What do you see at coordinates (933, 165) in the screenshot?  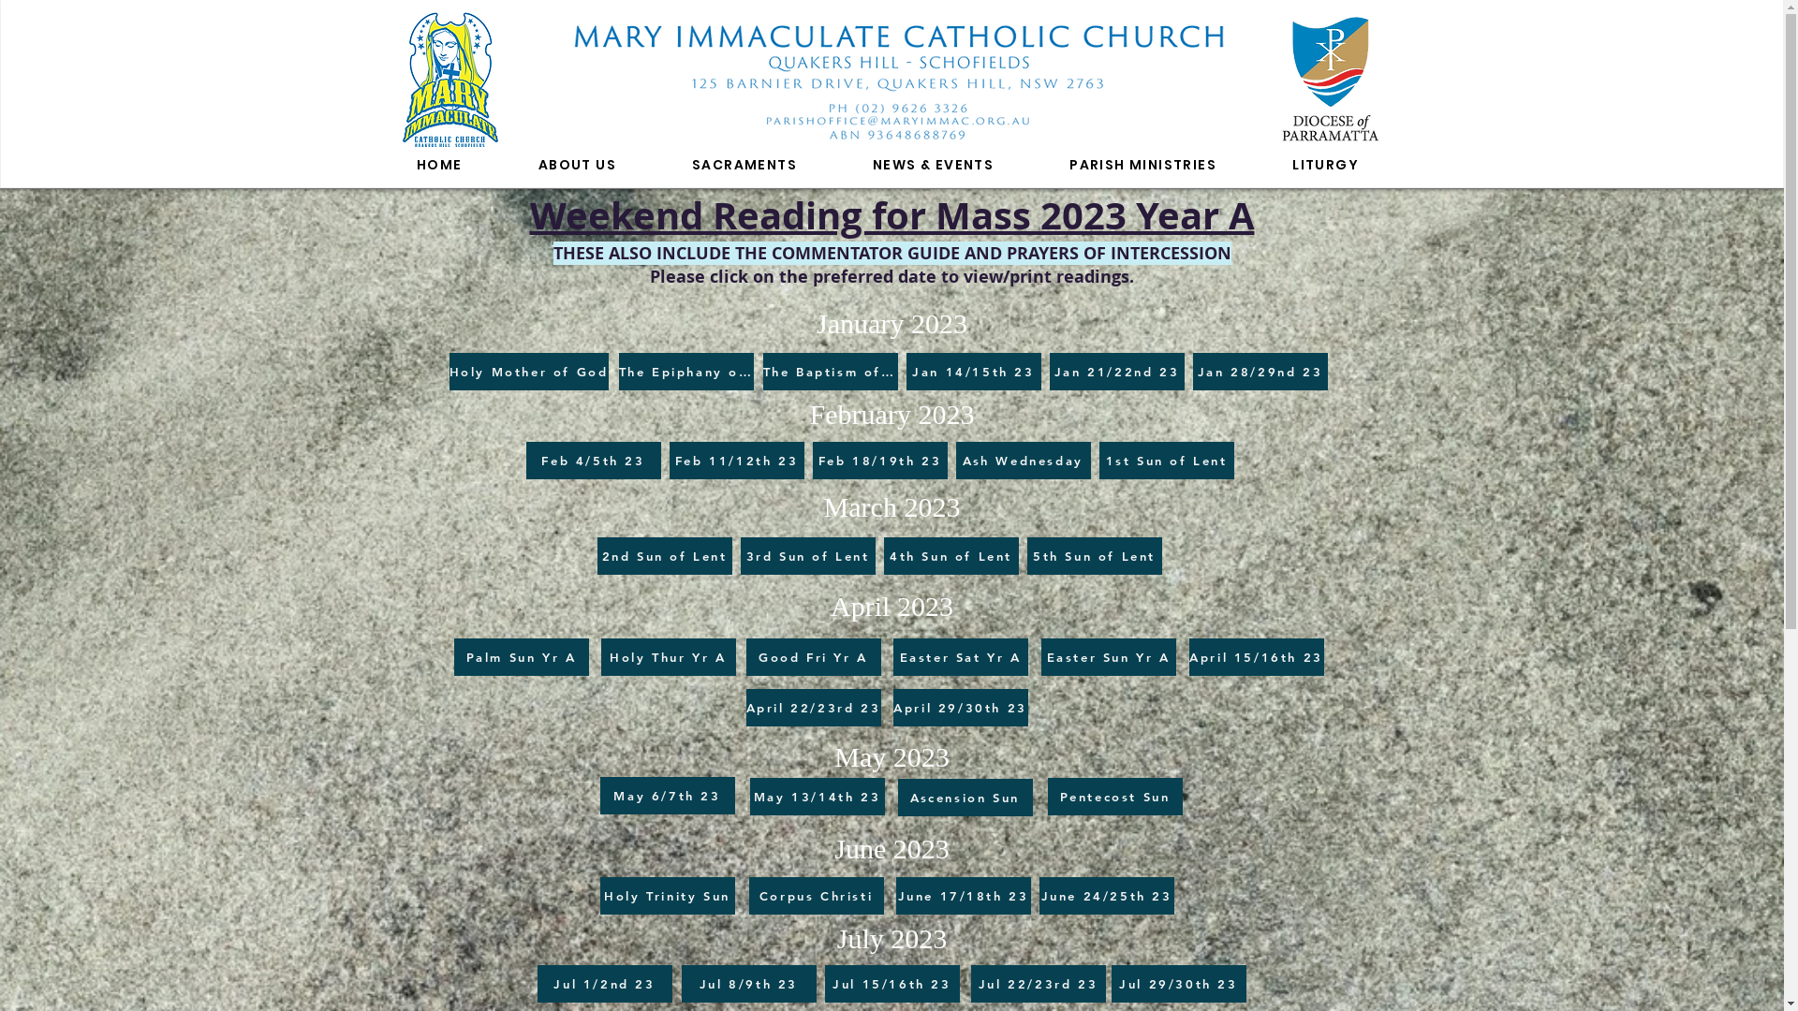 I see `'NEWS & EVENTS'` at bounding box center [933, 165].